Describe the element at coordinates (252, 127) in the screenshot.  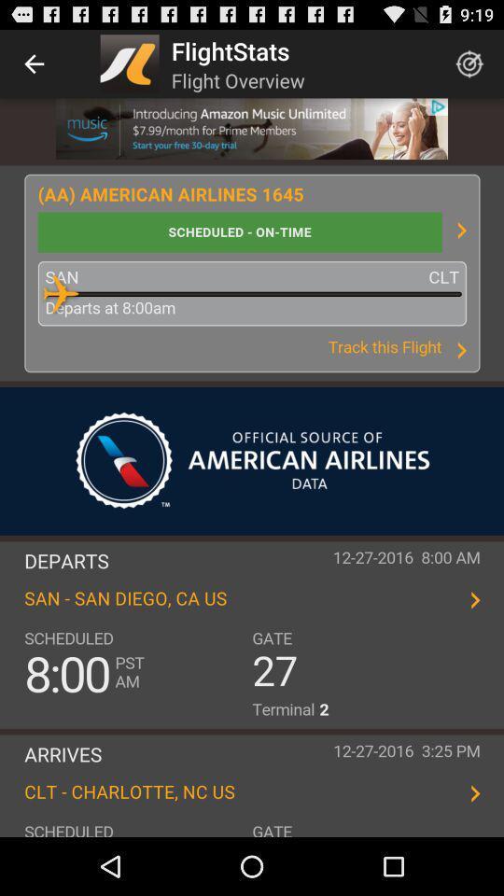
I see `prime music` at that location.